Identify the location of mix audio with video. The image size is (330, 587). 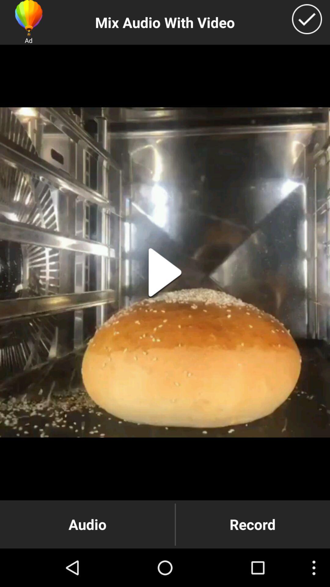
(307, 19).